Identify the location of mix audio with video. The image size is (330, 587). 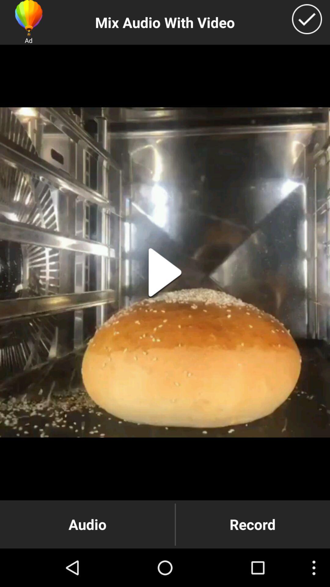
(307, 19).